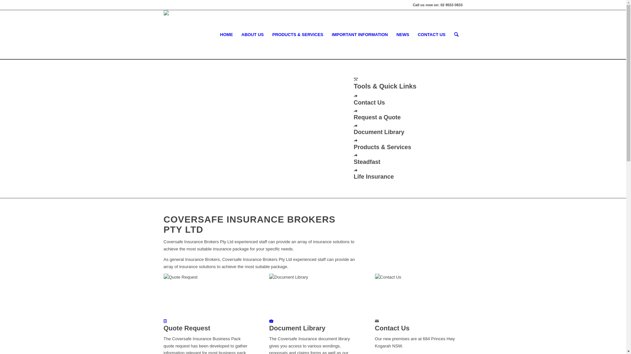 Image resolution: width=631 pixels, height=354 pixels. I want to click on 'CONTACT US', so click(432, 34).